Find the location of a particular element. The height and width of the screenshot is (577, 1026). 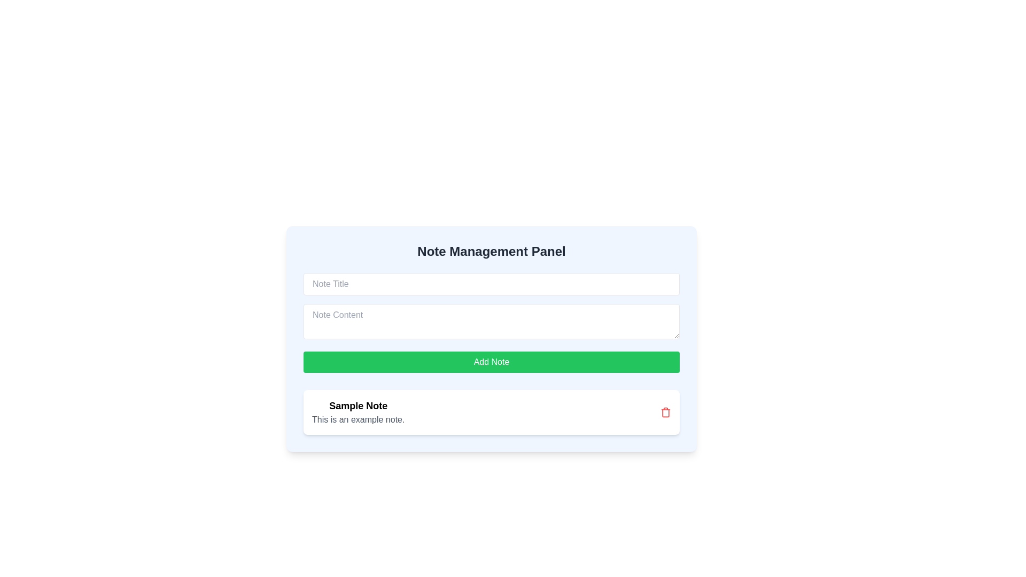

the Text label that provides additional details related to a note, positioned directly below 'Sample Note' is located at coordinates (358, 419).